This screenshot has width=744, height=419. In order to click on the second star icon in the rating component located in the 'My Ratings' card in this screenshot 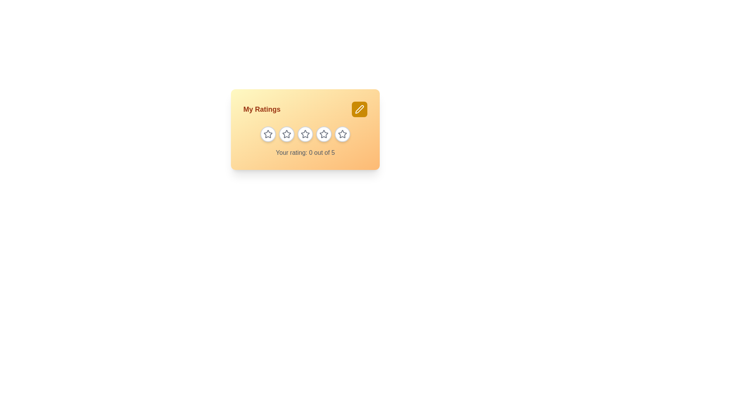, I will do `click(286, 133)`.